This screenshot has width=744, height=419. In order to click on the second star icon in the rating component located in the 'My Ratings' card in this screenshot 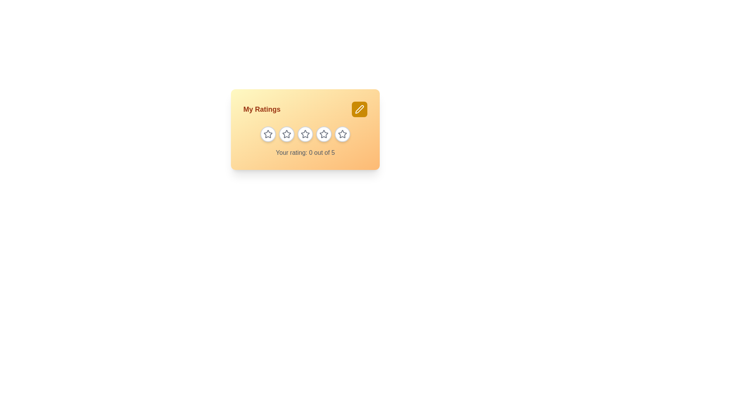, I will do `click(286, 133)`.